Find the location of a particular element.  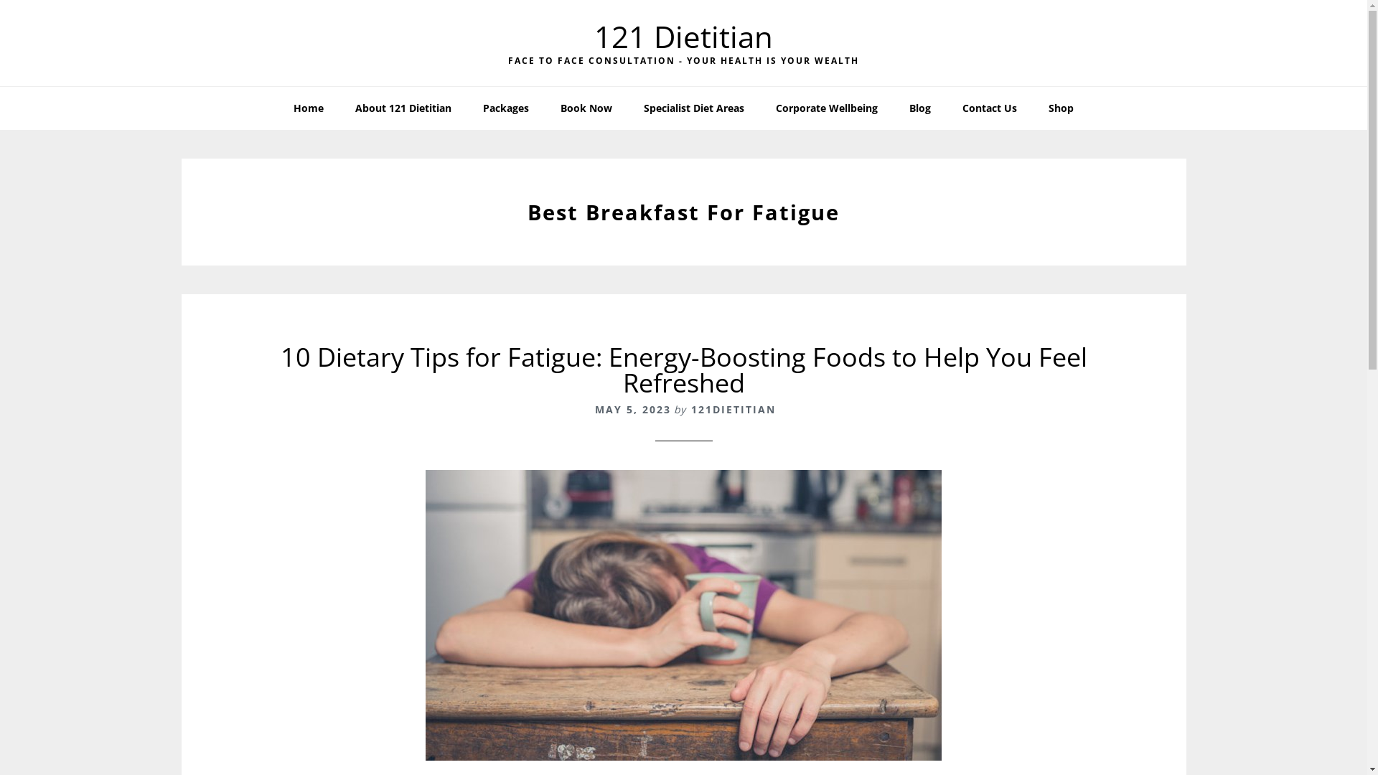

'121DIETITIAN' is located at coordinates (690, 409).